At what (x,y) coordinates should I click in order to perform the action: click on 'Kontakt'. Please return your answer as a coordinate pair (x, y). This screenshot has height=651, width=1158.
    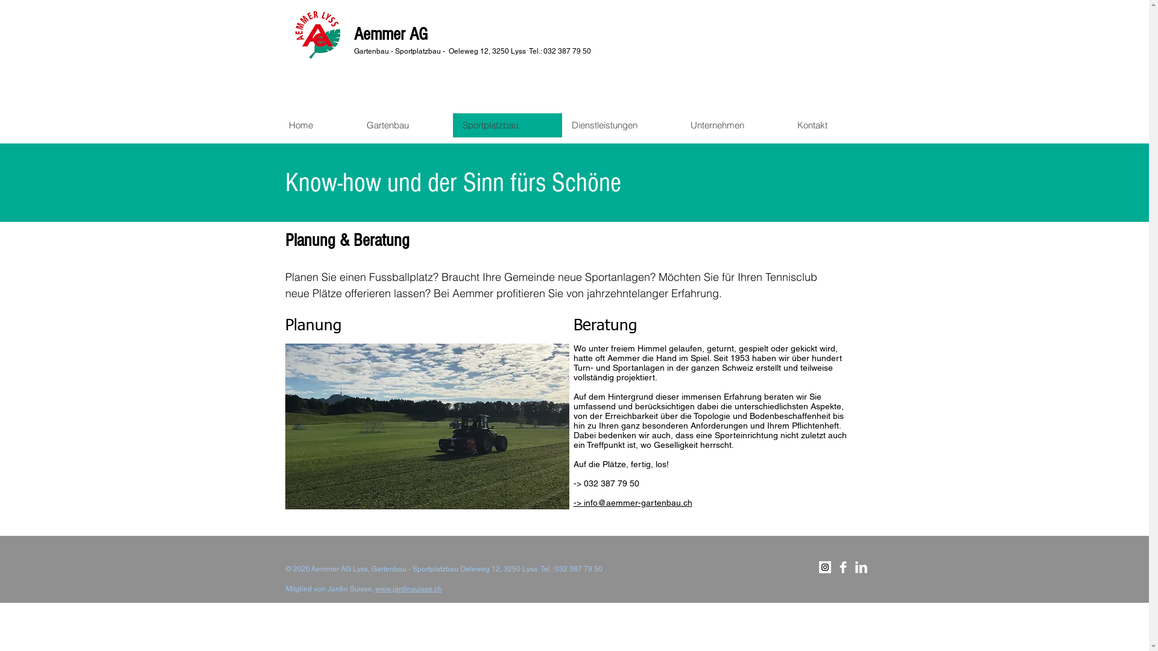
    Looking at the image, I should click on (828, 125).